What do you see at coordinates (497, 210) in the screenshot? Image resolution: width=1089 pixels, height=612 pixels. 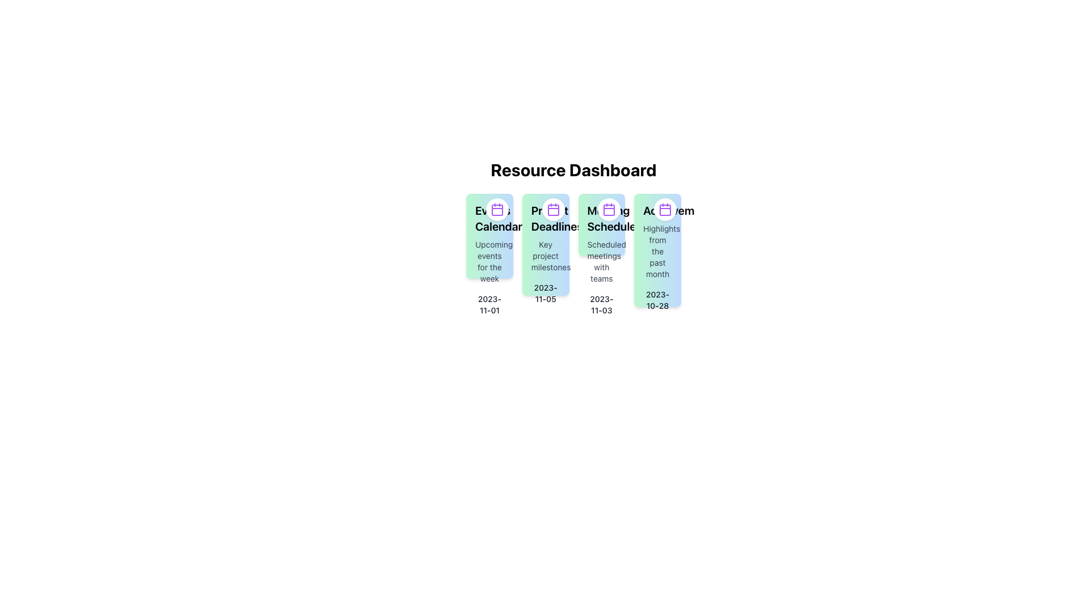 I see `the rectangle element within the calendar icon located in the upper left of the 'Event Calendar' section of the dashboard` at bounding box center [497, 210].